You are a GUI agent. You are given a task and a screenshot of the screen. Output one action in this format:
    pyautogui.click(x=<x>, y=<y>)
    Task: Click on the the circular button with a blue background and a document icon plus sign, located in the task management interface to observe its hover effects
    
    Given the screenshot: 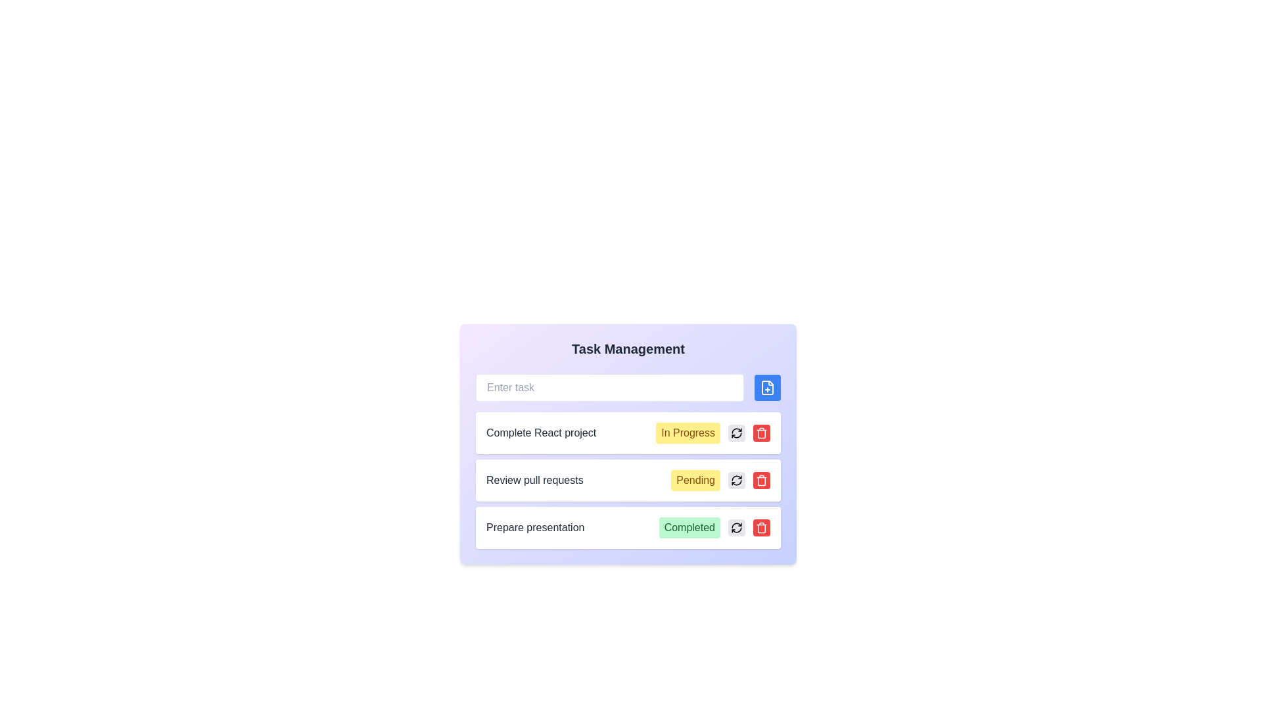 What is the action you would take?
    pyautogui.click(x=767, y=387)
    